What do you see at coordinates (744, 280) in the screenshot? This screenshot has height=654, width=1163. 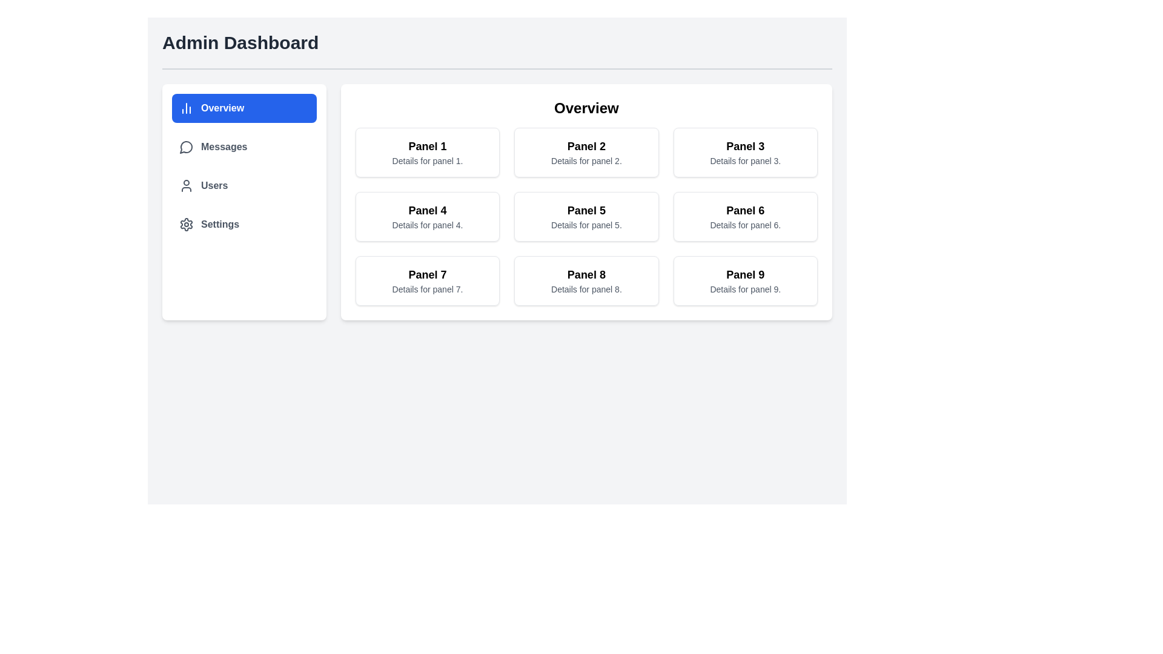 I see `the Information panel located in the bottom right corner of the 3x3 grid in the 'Overview' section of the interface` at bounding box center [744, 280].